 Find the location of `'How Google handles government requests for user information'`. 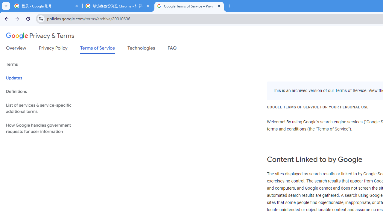

'How Google handles government requests for user information' is located at coordinates (45, 128).